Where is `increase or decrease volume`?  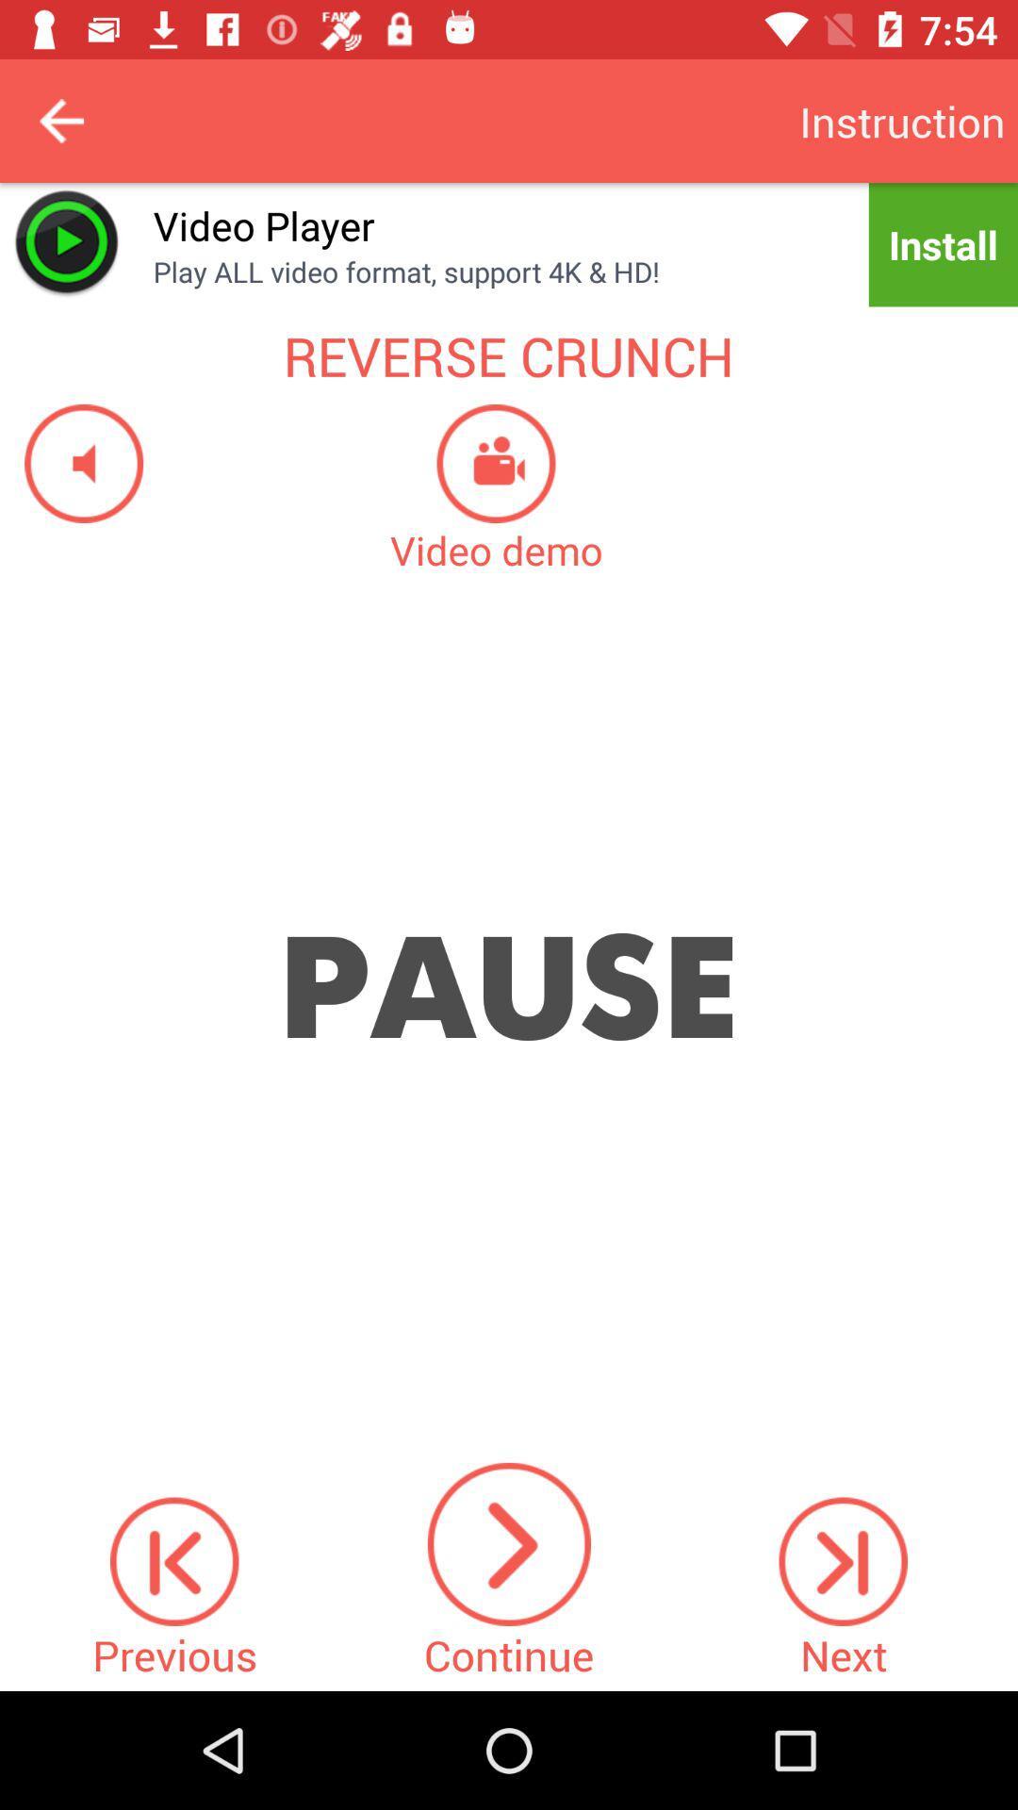 increase or decrease volume is located at coordinates (71, 463).